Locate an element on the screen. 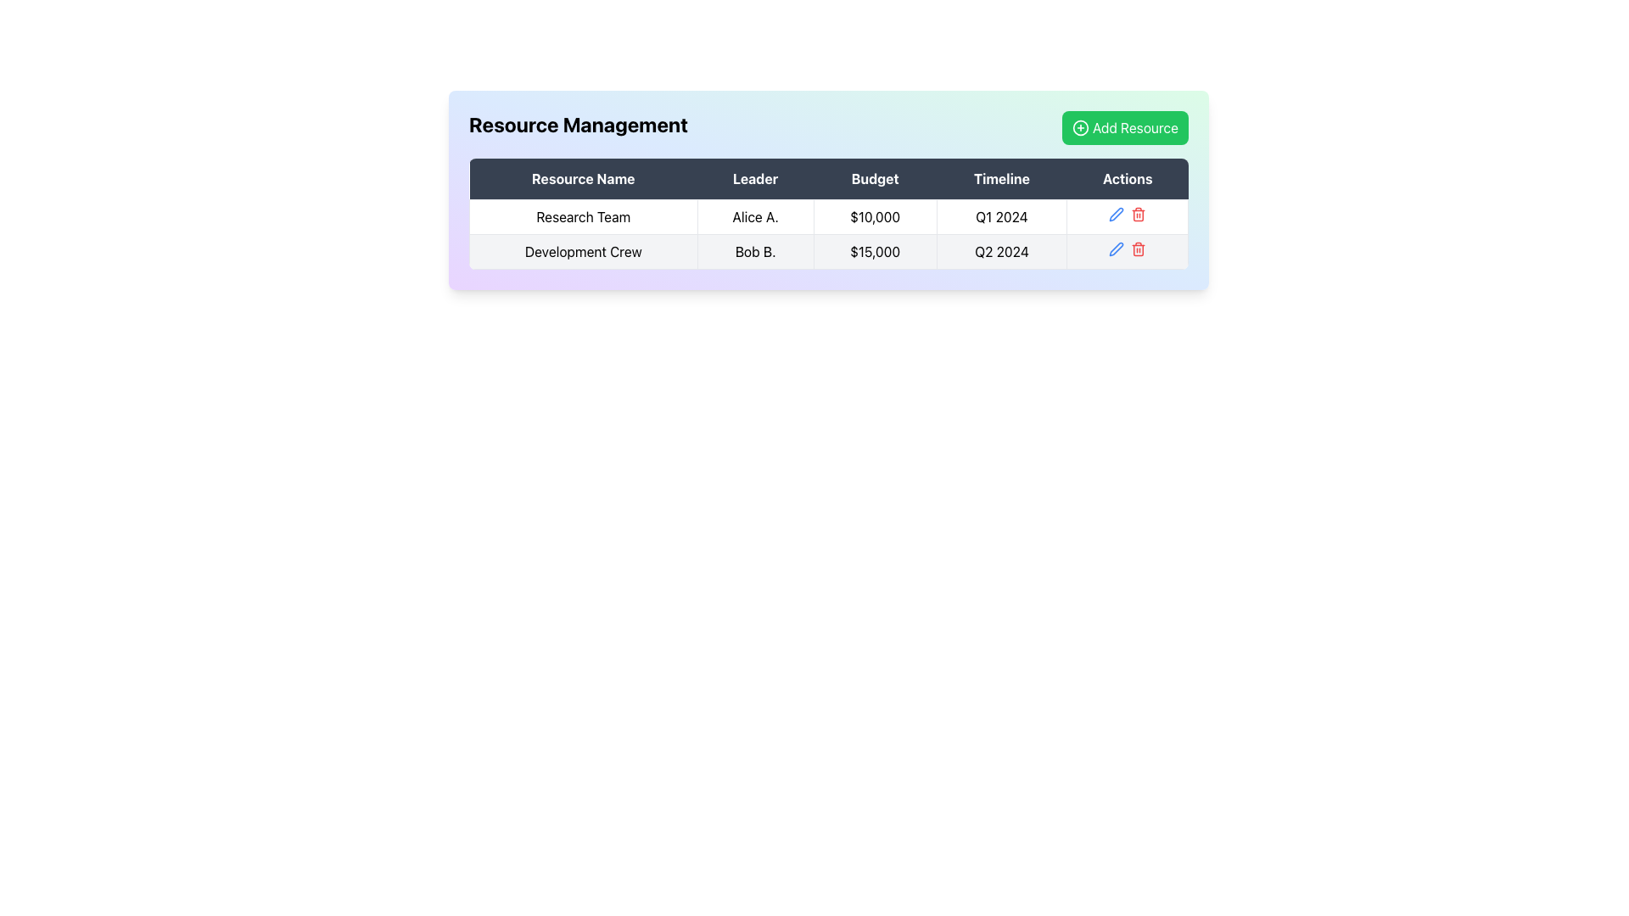  the icon located inside the green button labeled 'Add Resource', positioned towards the left side of the text within the button, in the top-right corner of the table header is located at coordinates (1079, 126).